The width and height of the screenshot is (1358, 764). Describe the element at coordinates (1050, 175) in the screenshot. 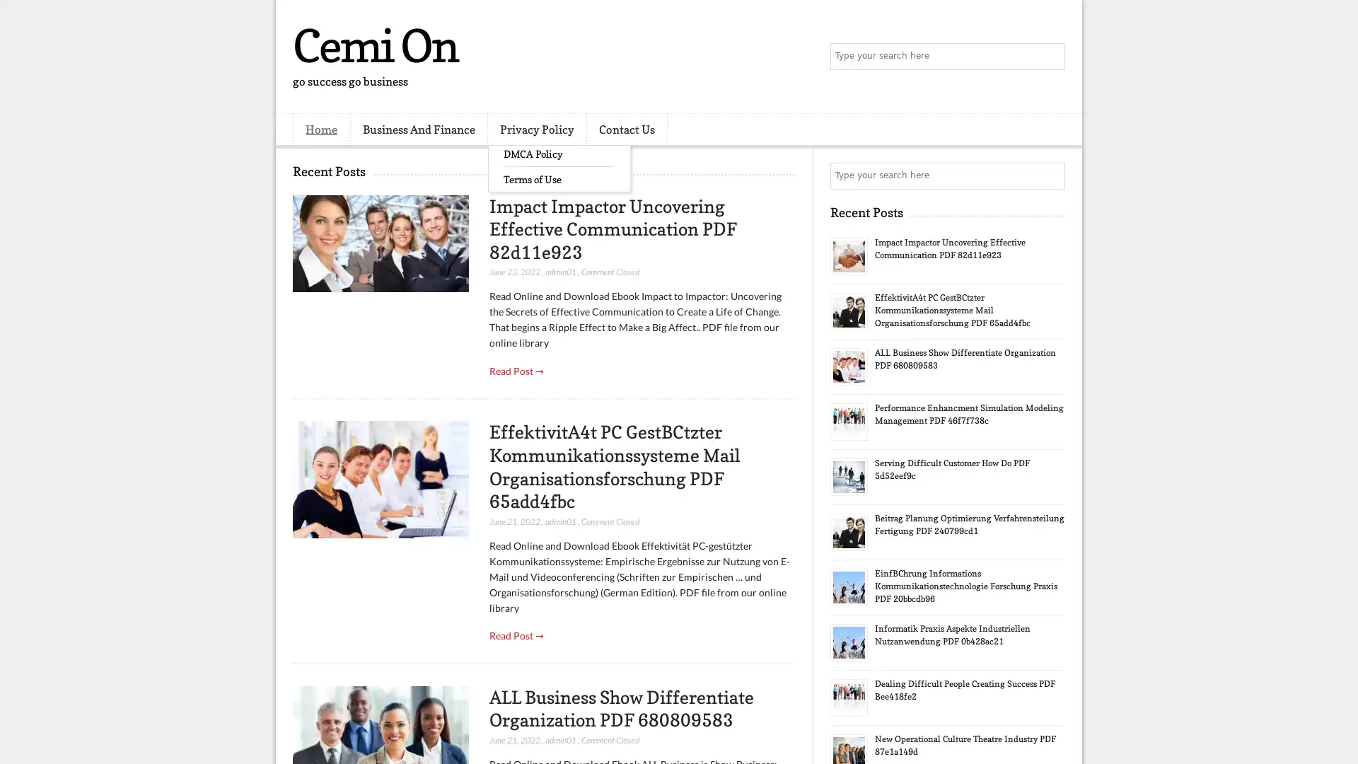

I see `Search` at that location.